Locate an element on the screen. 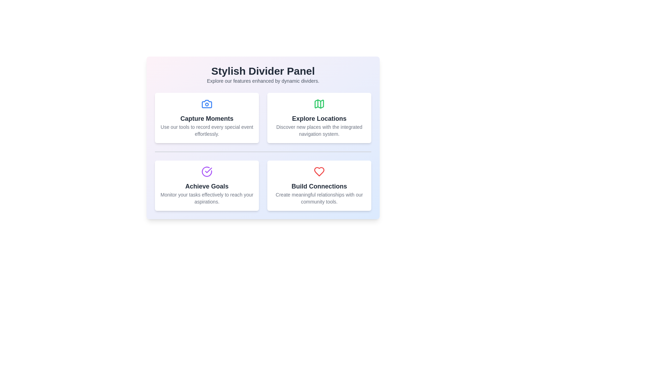 This screenshot has height=377, width=670. the green vector-based map icon located in the 'Explore Locations' section, which is centered above the section title and description is located at coordinates (319, 104).